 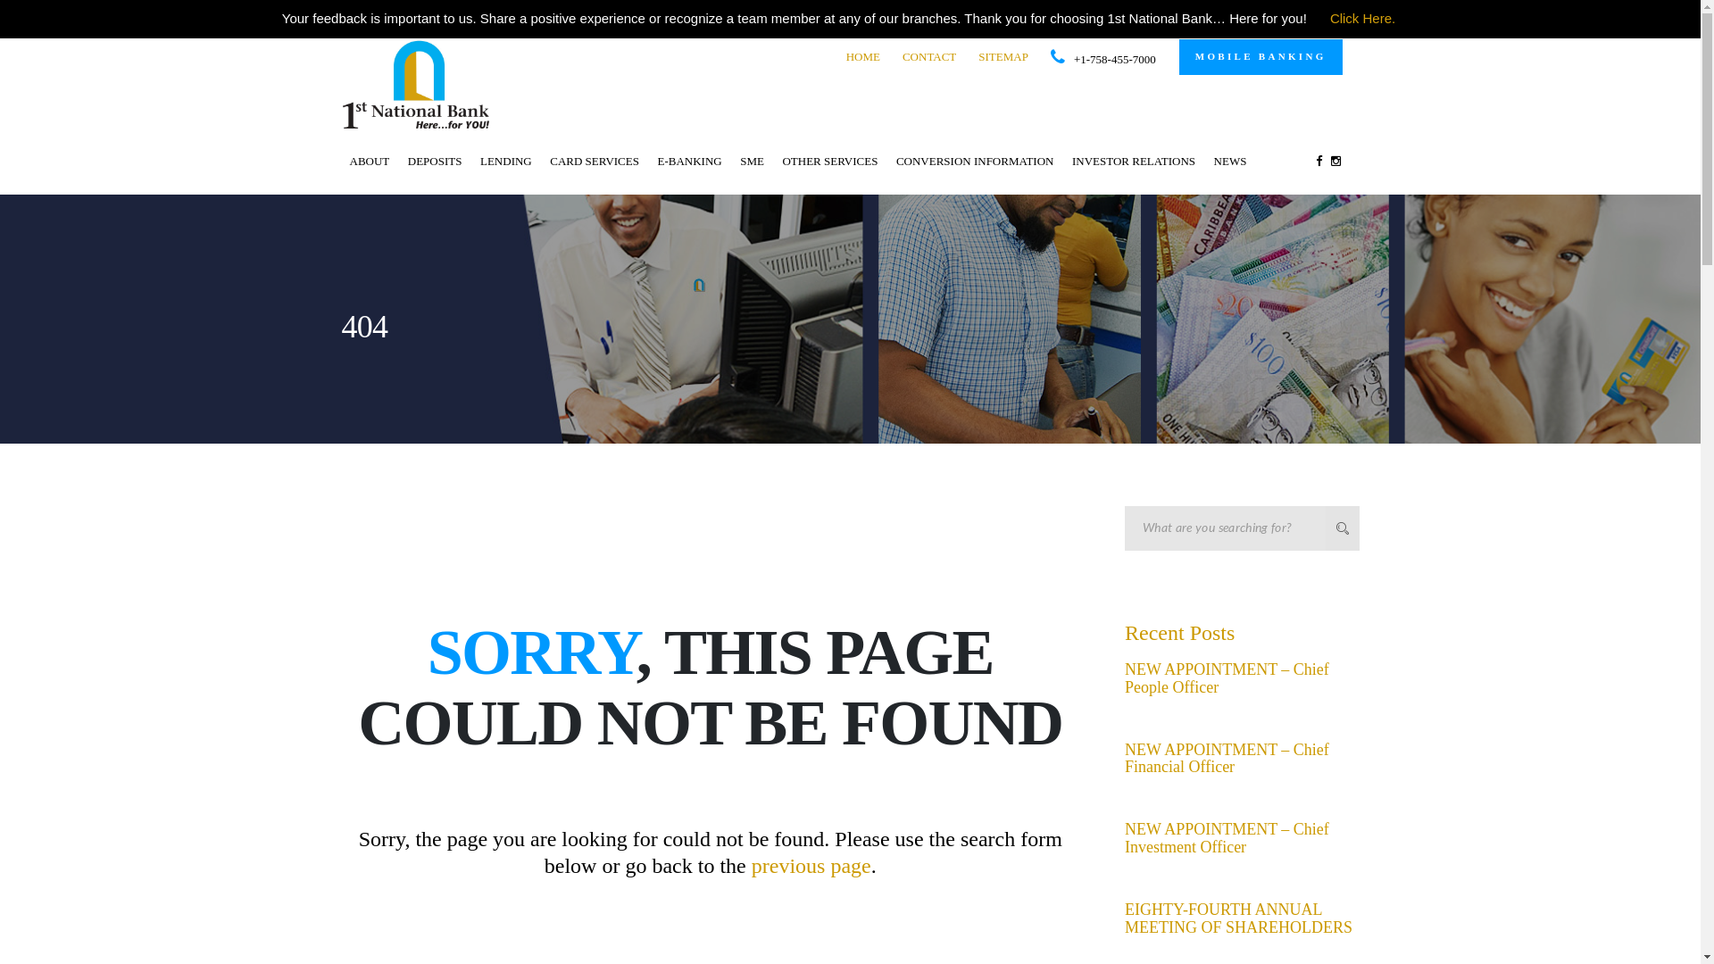 What do you see at coordinates (435, 161) in the screenshot?
I see `'DEPOSITS'` at bounding box center [435, 161].